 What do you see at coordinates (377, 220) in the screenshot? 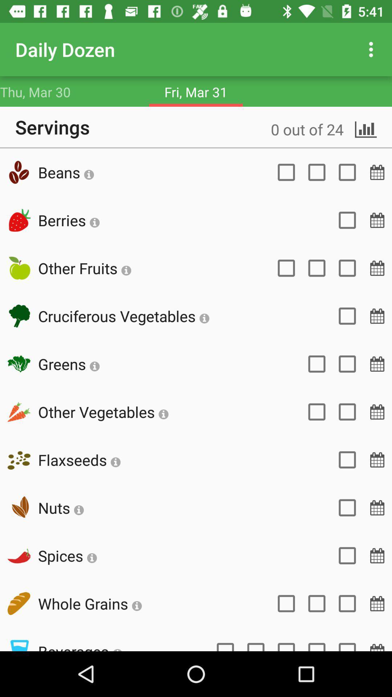
I see `the date_range icon` at bounding box center [377, 220].